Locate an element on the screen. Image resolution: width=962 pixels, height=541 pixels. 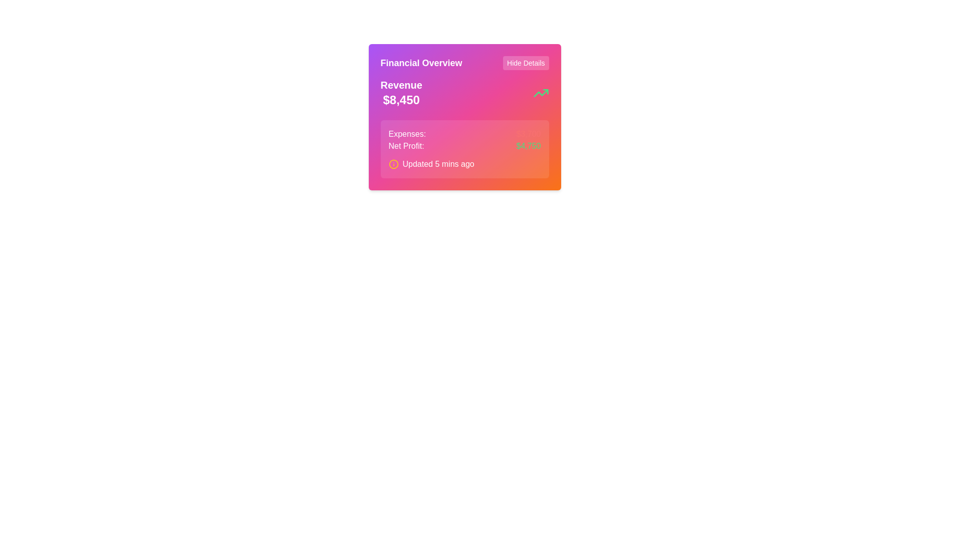
the upward-trending green line graph icon located in the upper-right corner of the financial summary card is located at coordinates (540, 93).